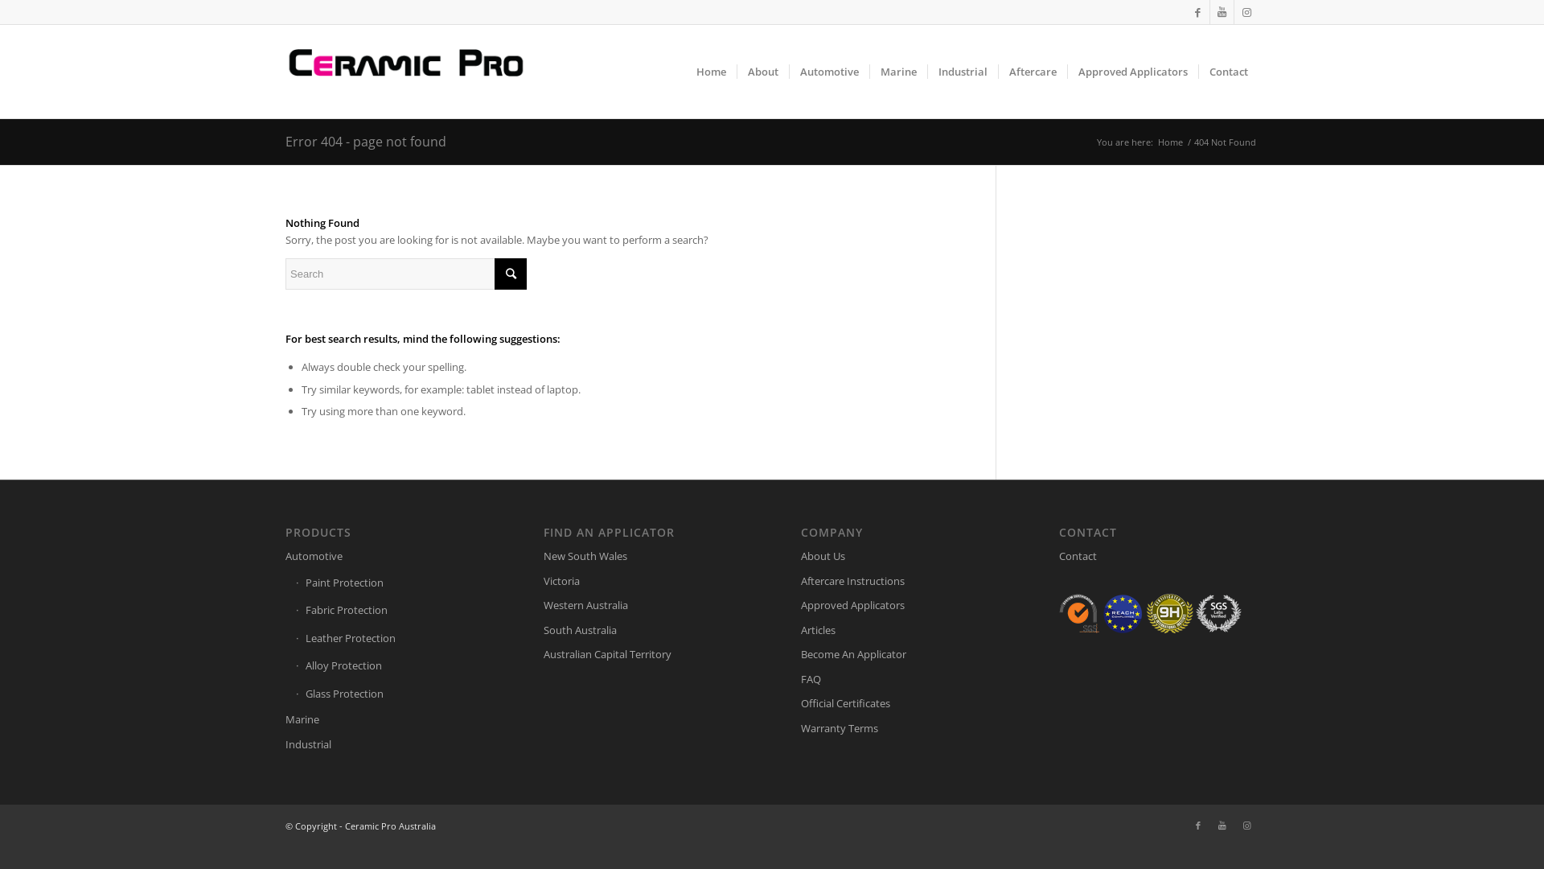 The height and width of the screenshot is (869, 1544). Describe the element at coordinates (1197, 12) in the screenshot. I see `'Facebook'` at that location.